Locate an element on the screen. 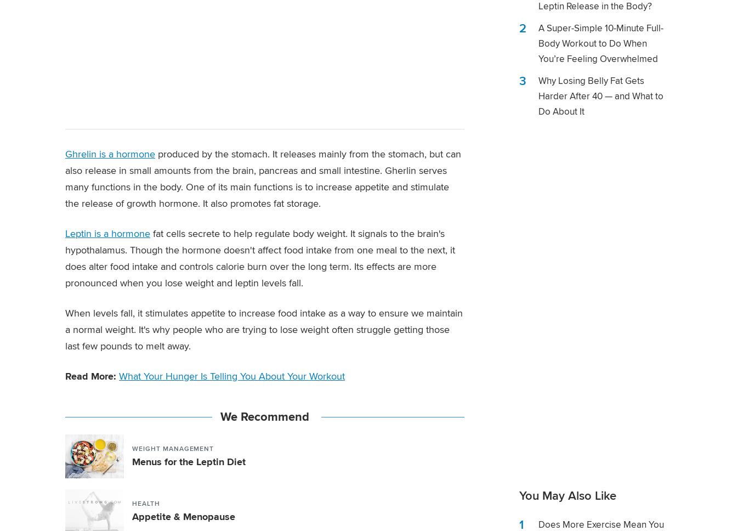 Image resolution: width=749 pixels, height=531 pixels. 'Leptin is a hormone' is located at coordinates (107, 233).